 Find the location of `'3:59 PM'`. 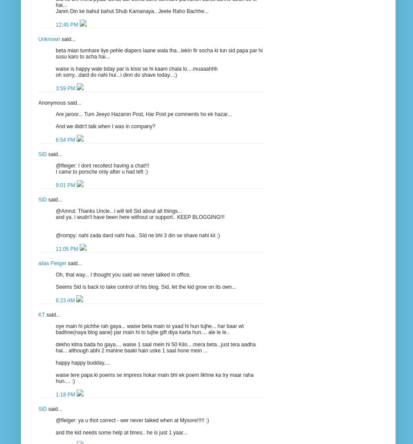

'3:59 PM' is located at coordinates (65, 88).